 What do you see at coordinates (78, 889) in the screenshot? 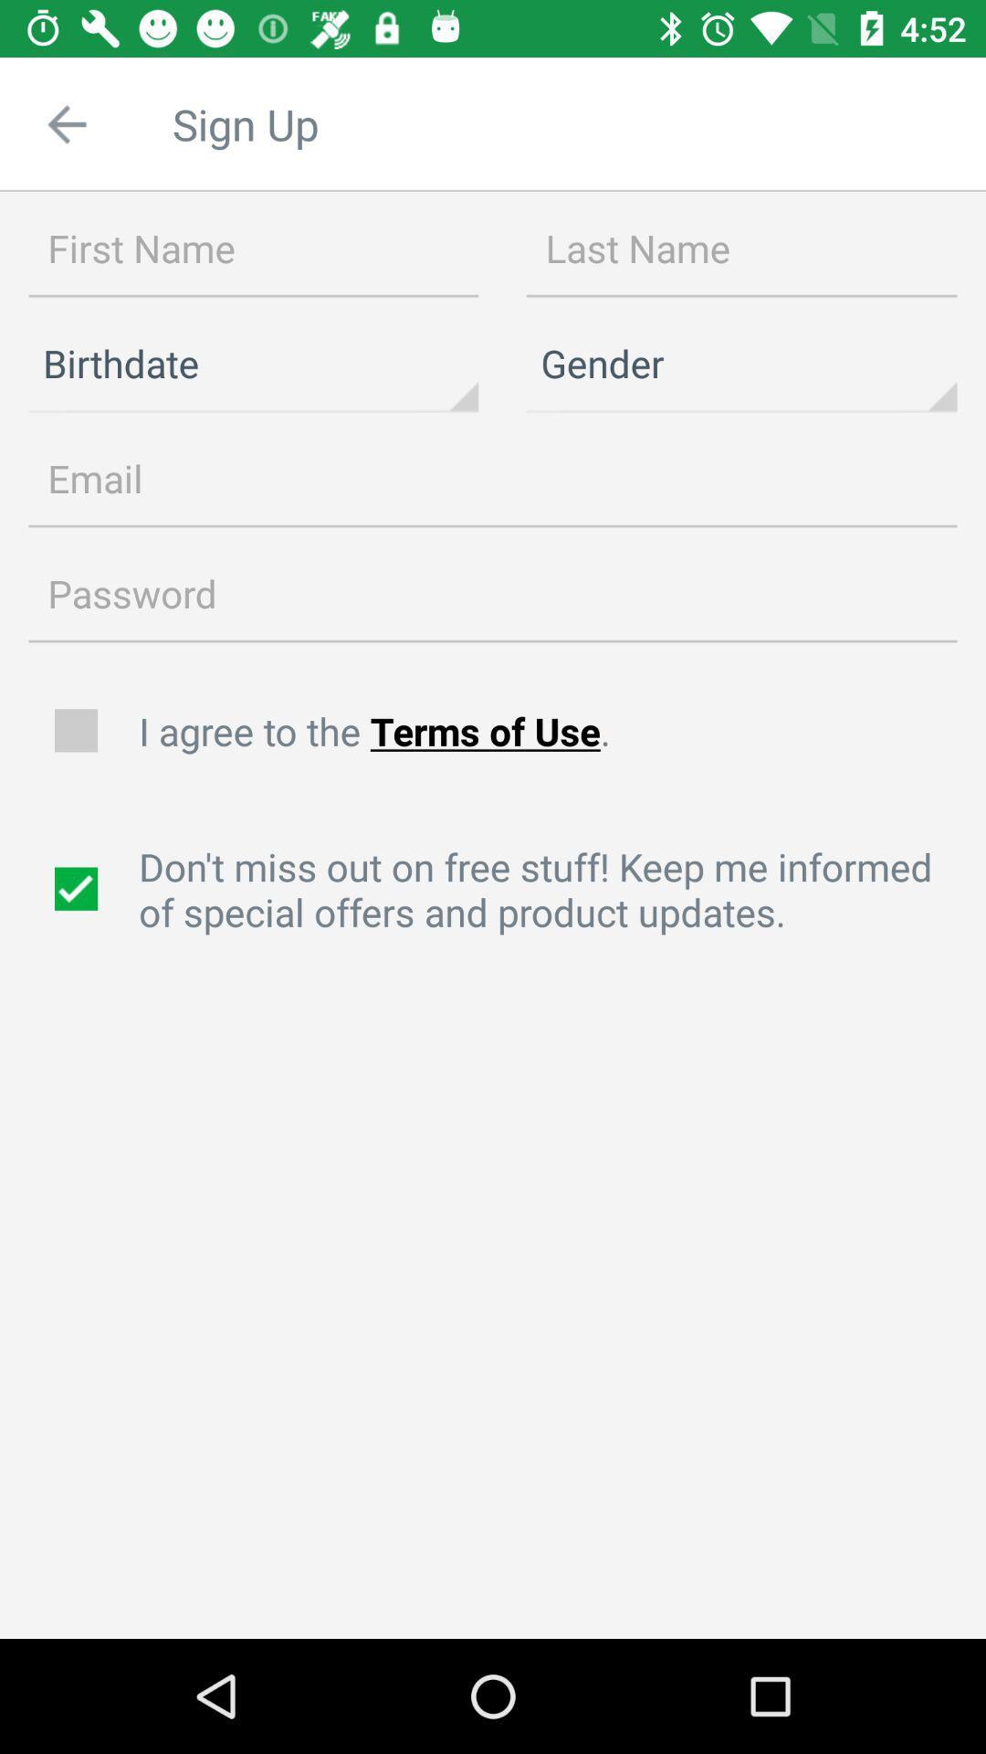
I see `emailed product news` at bounding box center [78, 889].